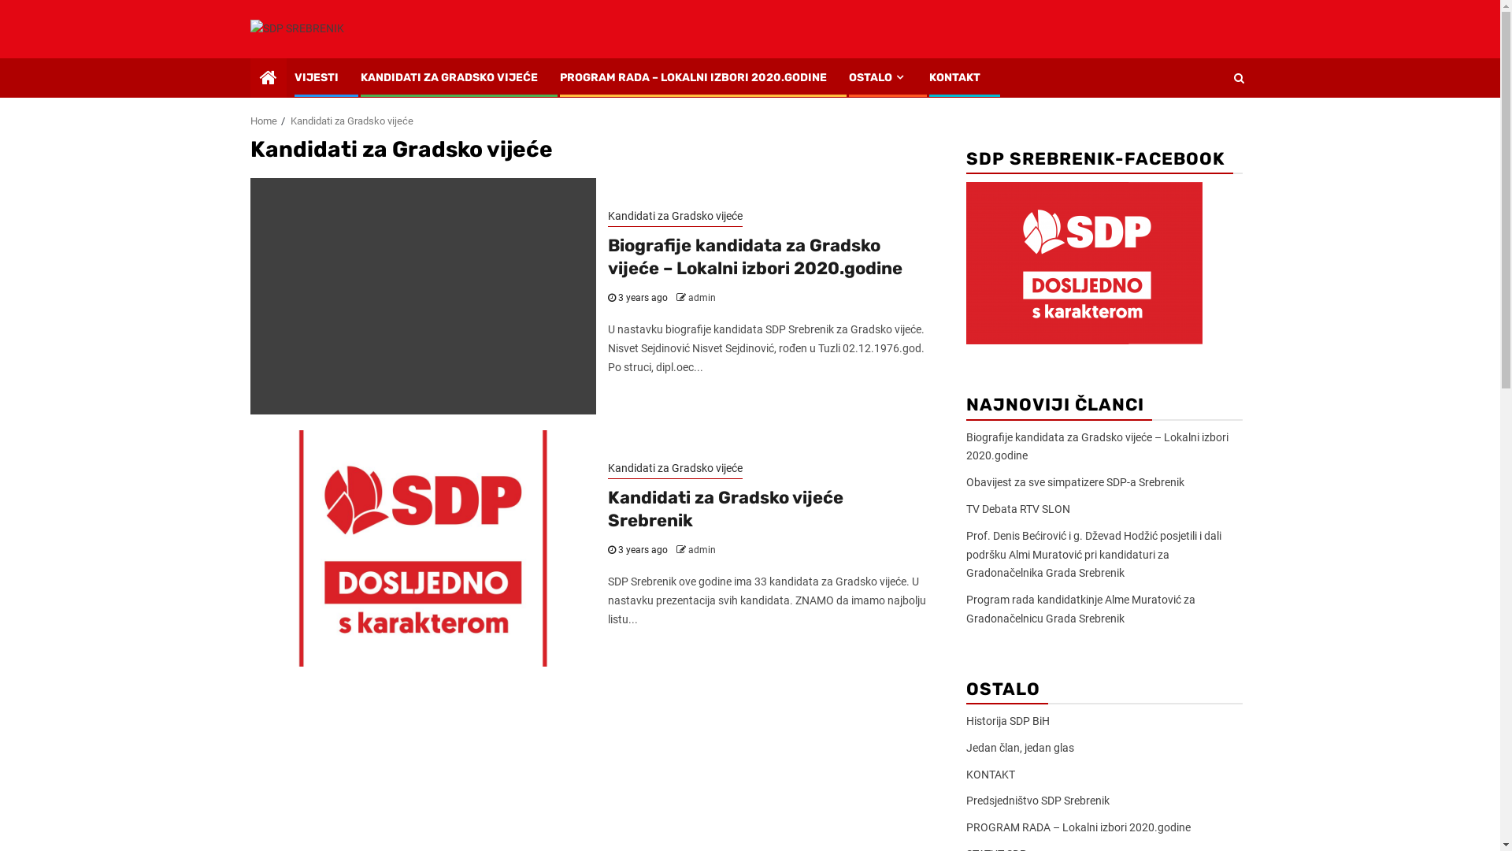 This screenshot has width=1512, height=851. What do you see at coordinates (249, 120) in the screenshot?
I see `'Home'` at bounding box center [249, 120].